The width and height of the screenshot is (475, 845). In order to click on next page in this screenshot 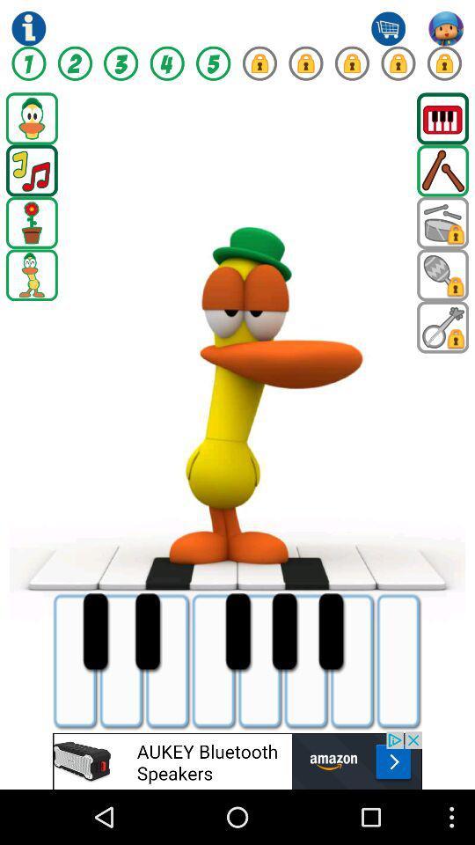, I will do `click(442, 275)`.